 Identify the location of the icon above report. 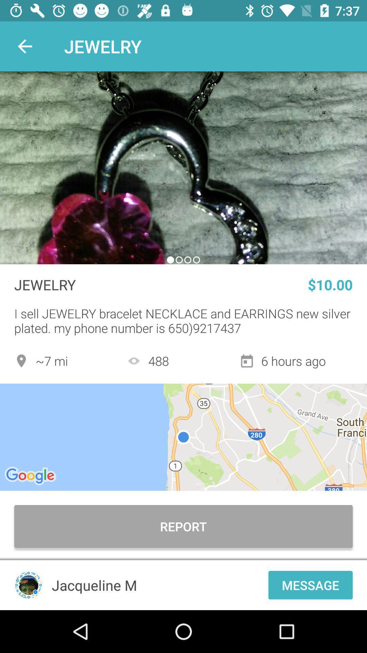
(183, 437).